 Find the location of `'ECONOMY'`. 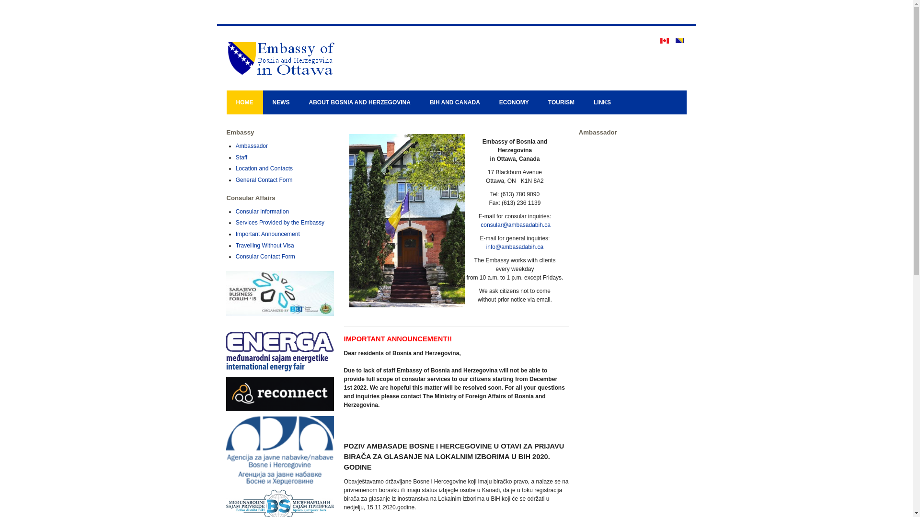

'ECONOMY' is located at coordinates (514, 102).